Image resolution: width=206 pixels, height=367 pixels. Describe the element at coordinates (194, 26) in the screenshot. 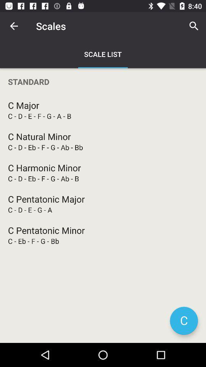

I see `icon next to scales icon` at that location.